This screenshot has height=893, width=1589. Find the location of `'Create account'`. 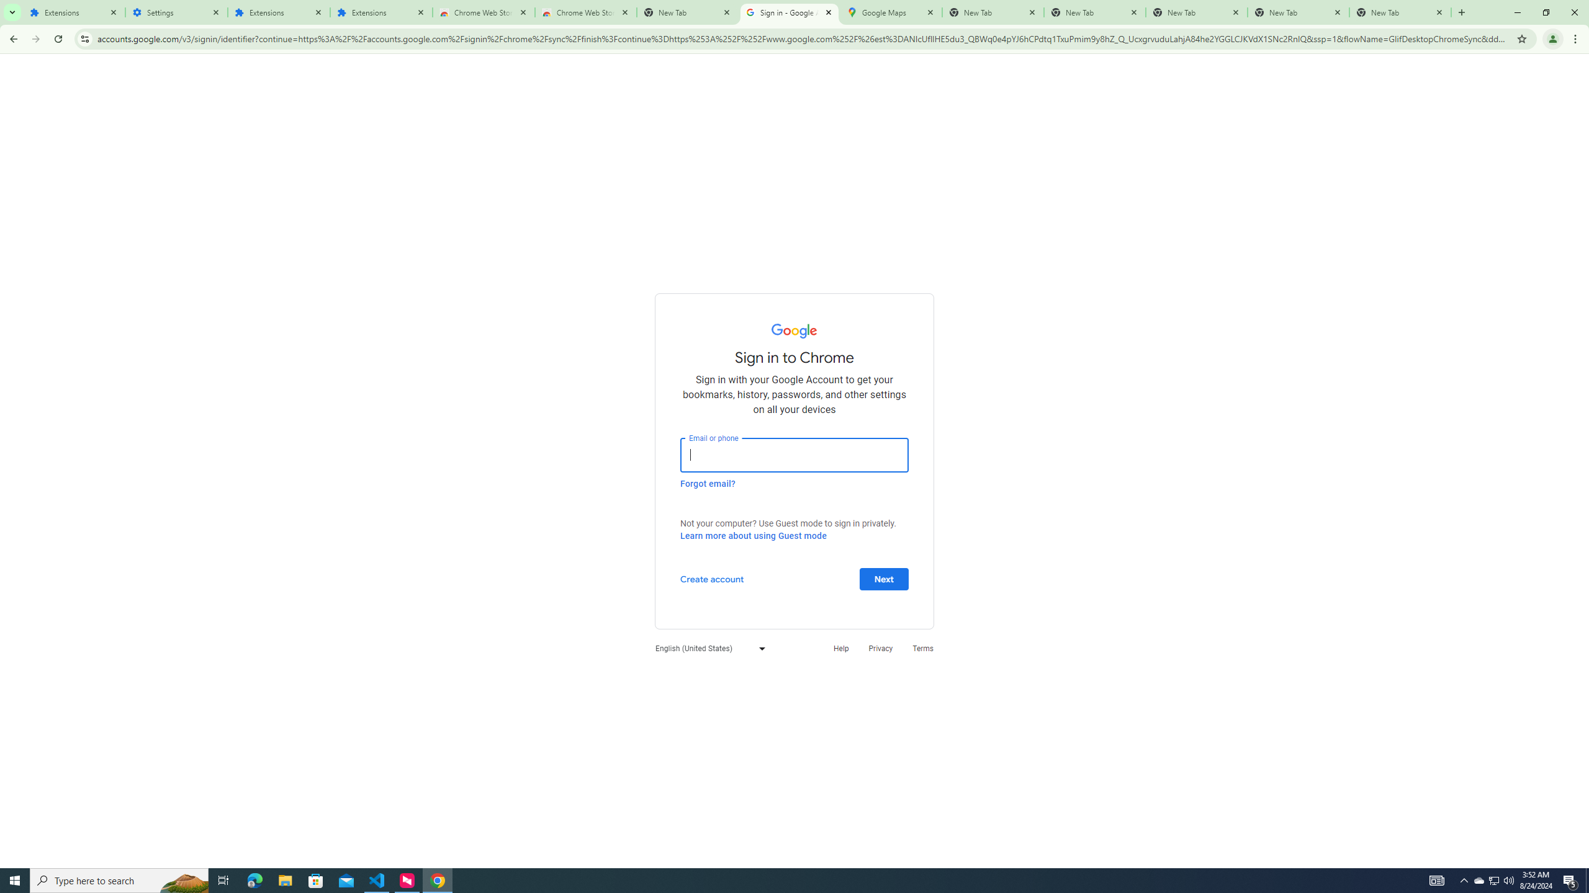

'Create account' is located at coordinates (711, 578).